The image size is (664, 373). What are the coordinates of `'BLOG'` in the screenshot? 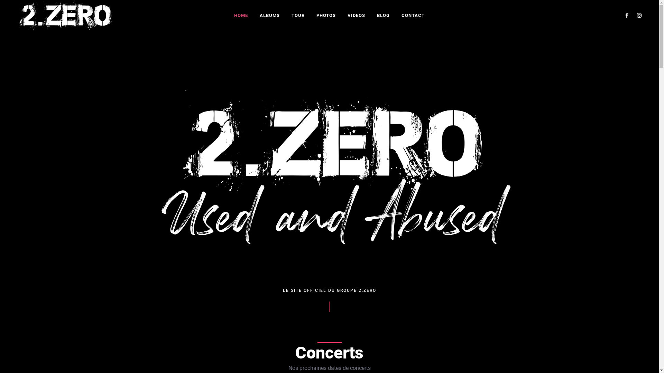 It's located at (383, 15).